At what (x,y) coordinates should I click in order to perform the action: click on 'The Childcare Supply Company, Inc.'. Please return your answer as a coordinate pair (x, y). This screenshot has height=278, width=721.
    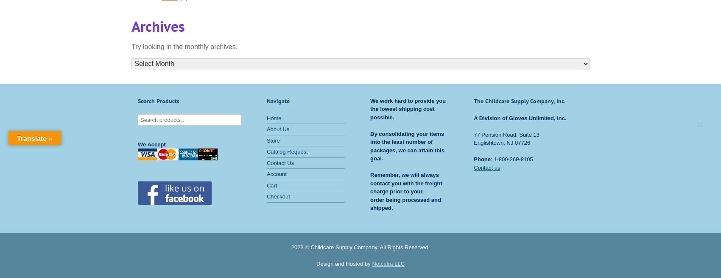
    Looking at the image, I should click on (519, 101).